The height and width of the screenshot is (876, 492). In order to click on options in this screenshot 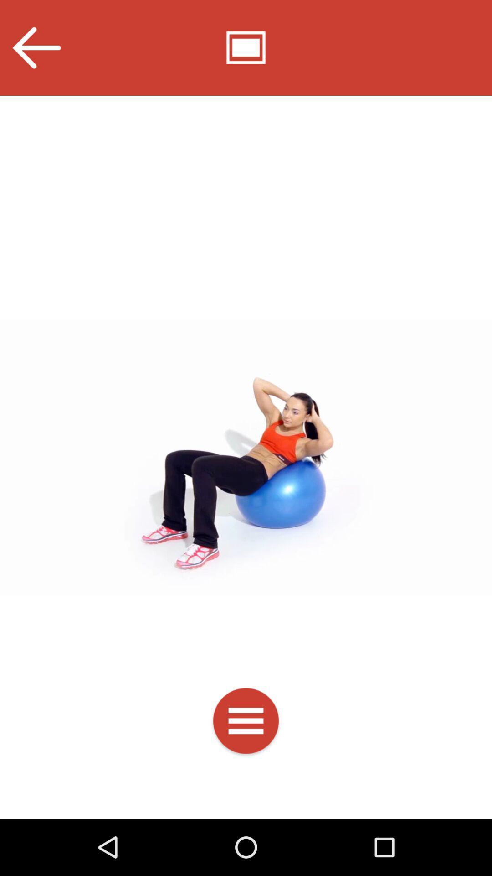, I will do `click(246, 722)`.